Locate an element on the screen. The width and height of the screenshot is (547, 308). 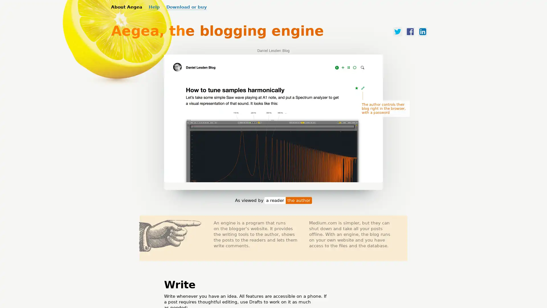
a reader is located at coordinates (275, 204).